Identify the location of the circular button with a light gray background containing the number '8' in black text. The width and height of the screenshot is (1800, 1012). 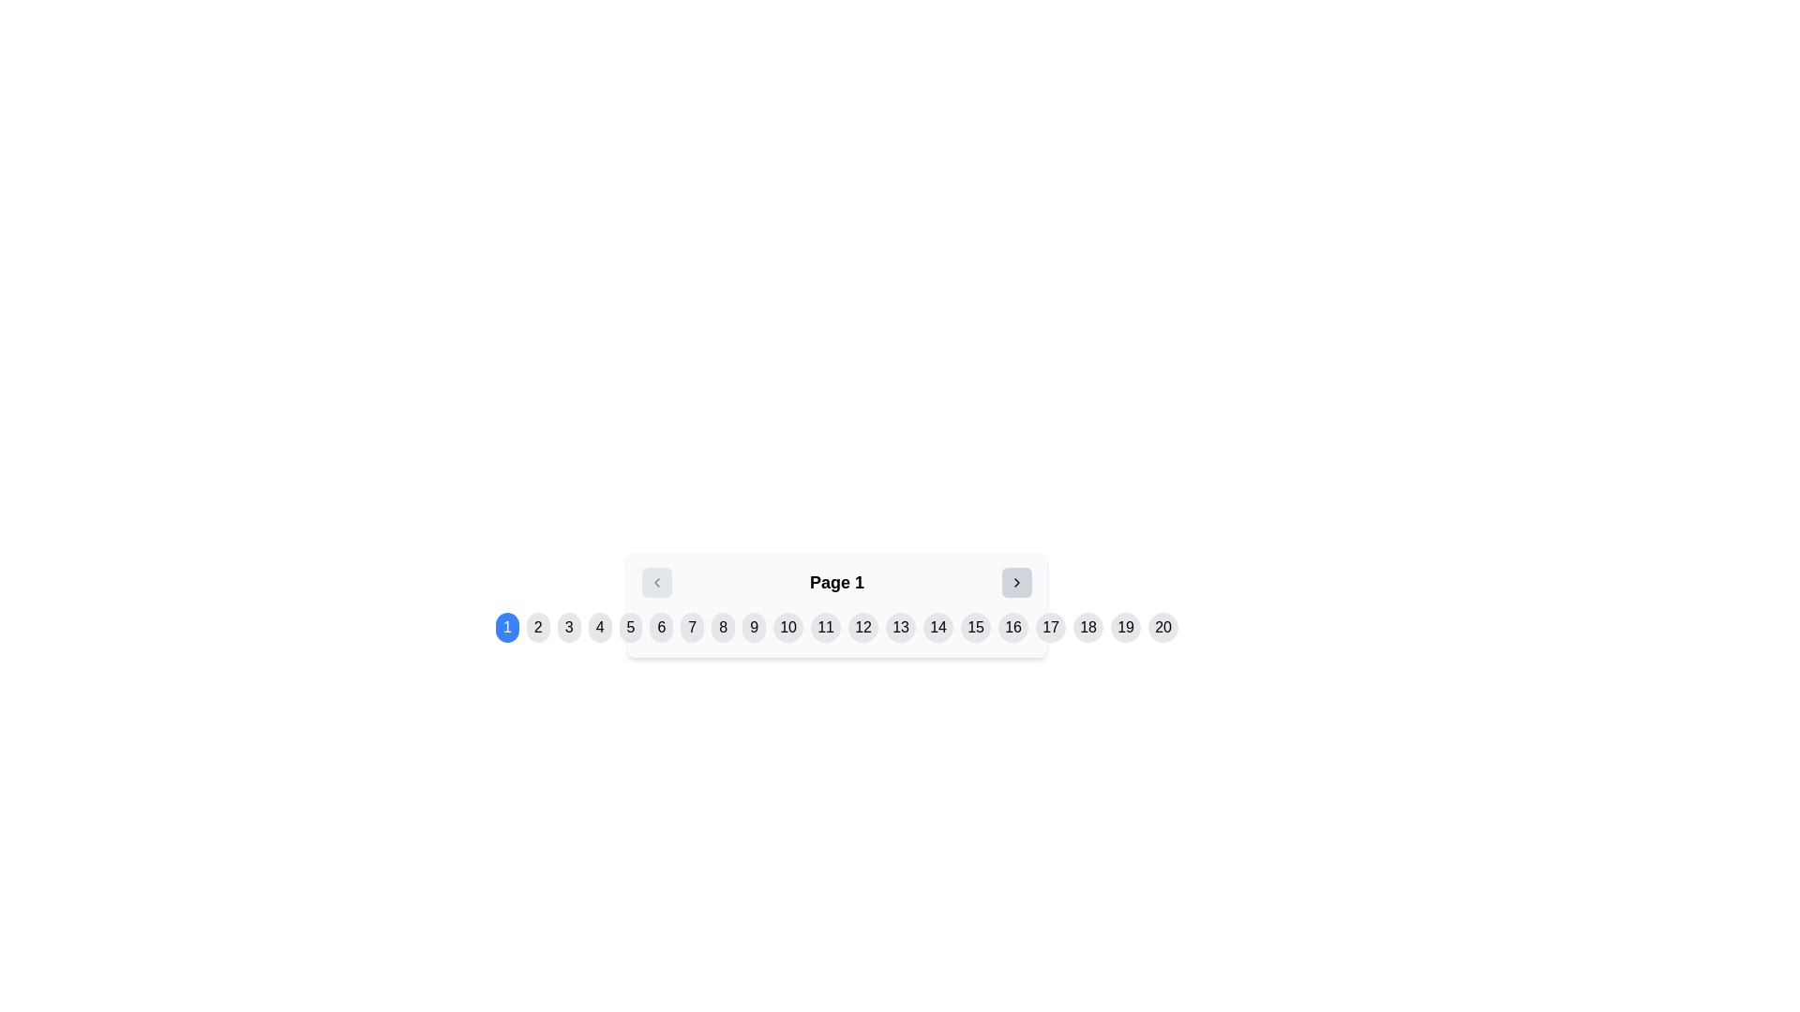
(722, 628).